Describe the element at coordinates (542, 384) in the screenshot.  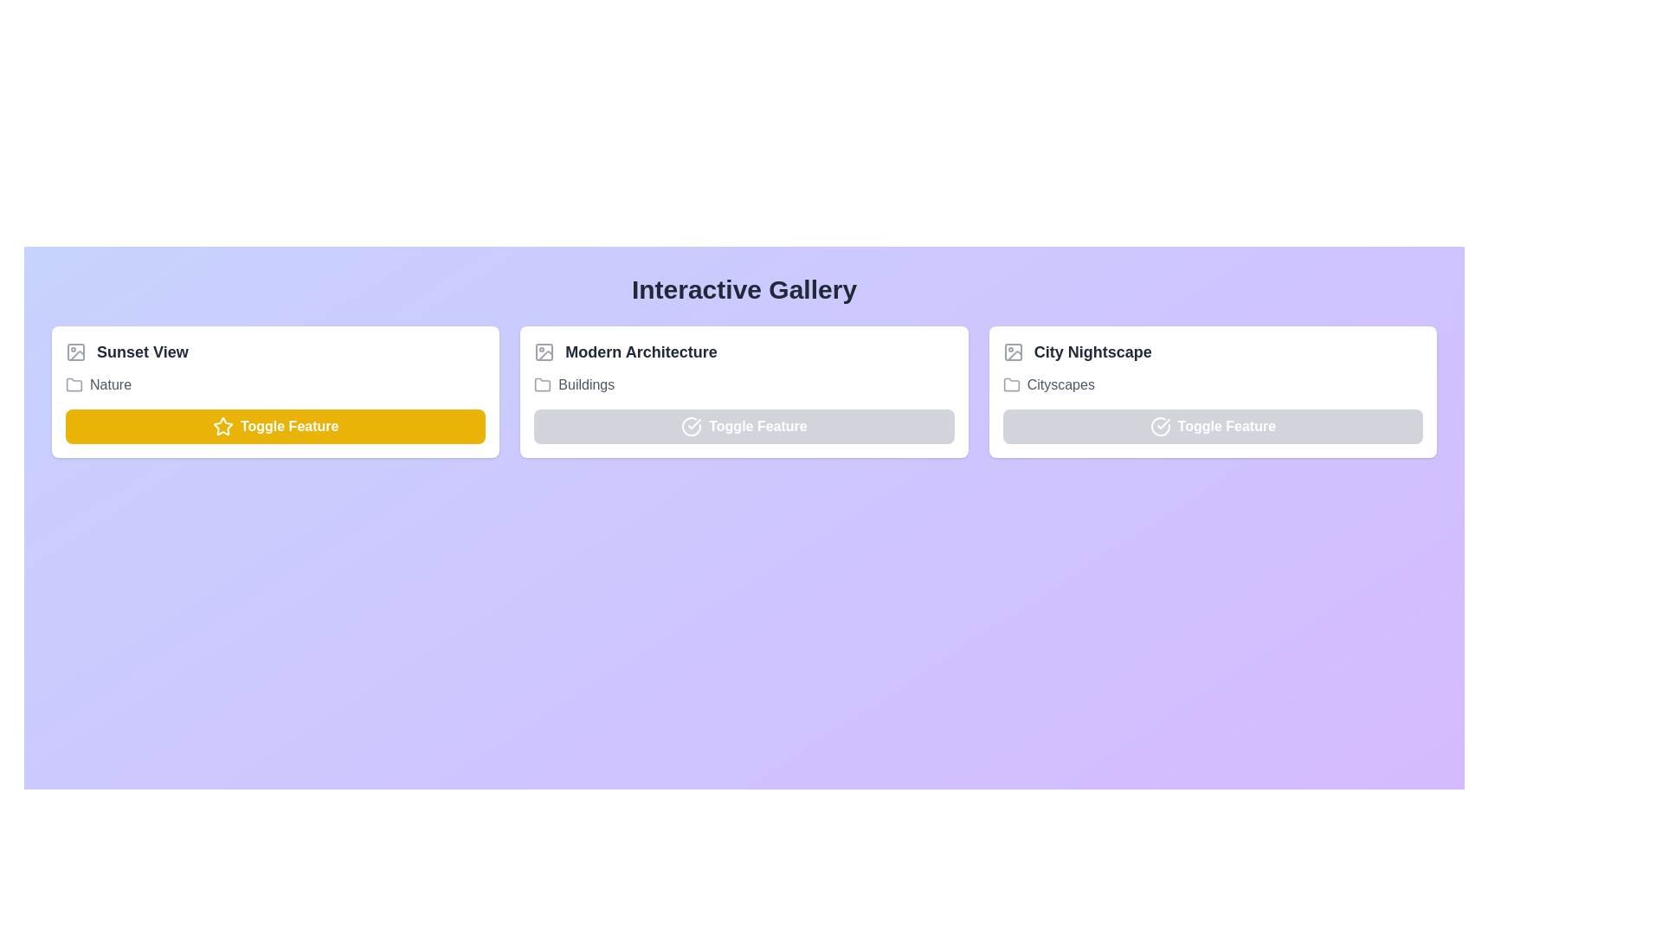
I see `the minimalistic folder icon located at the top left corner of the 'Modern Architecture' card` at that location.